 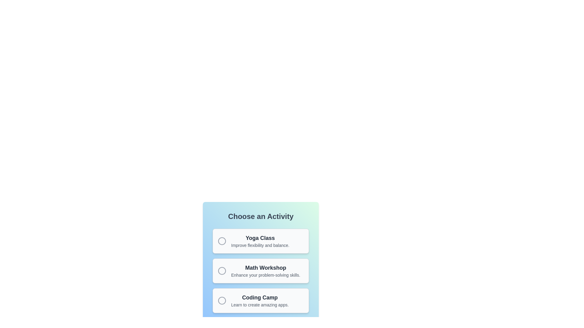 I want to click on the radio button with a gray border and empty center located to the left of the 'Math Workshop' text, so click(x=221, y=270).